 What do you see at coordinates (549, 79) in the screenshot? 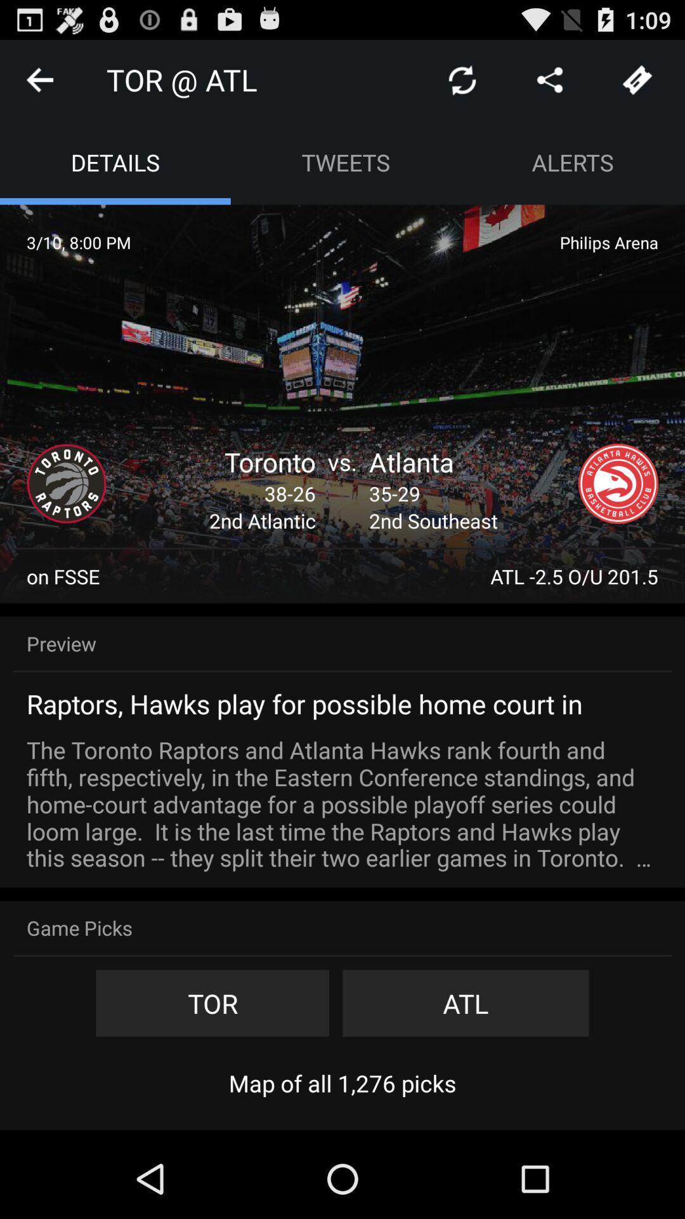
I see `share the article` at bounding box center [549, 79].